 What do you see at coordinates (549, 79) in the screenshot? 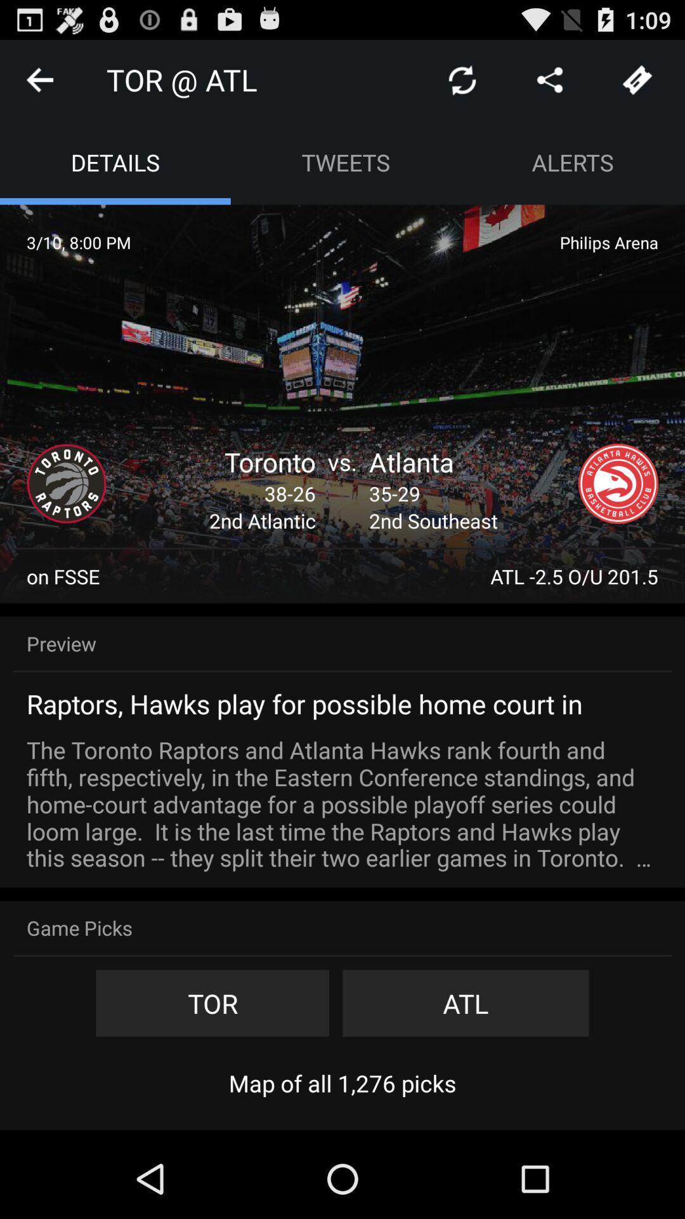
I see `share the article` at bounding box center [549, 79].